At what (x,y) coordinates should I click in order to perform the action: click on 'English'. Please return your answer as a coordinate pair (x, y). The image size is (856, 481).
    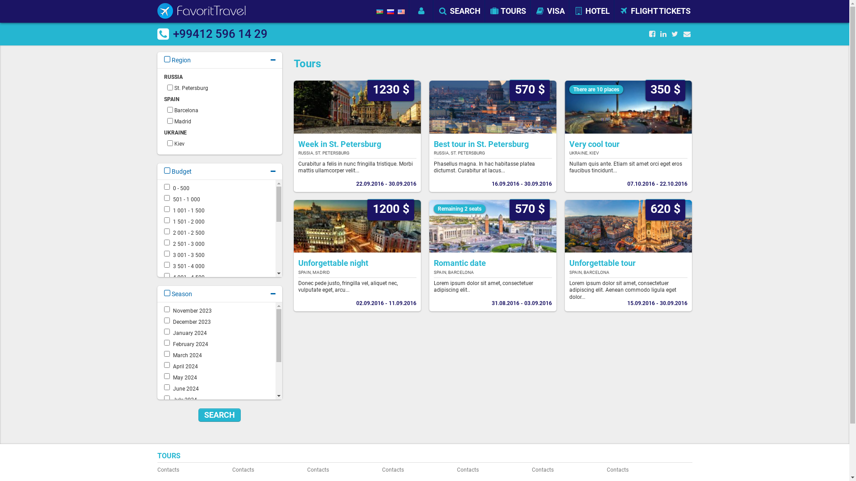
    Looking at the image, I should click on (401, 12).